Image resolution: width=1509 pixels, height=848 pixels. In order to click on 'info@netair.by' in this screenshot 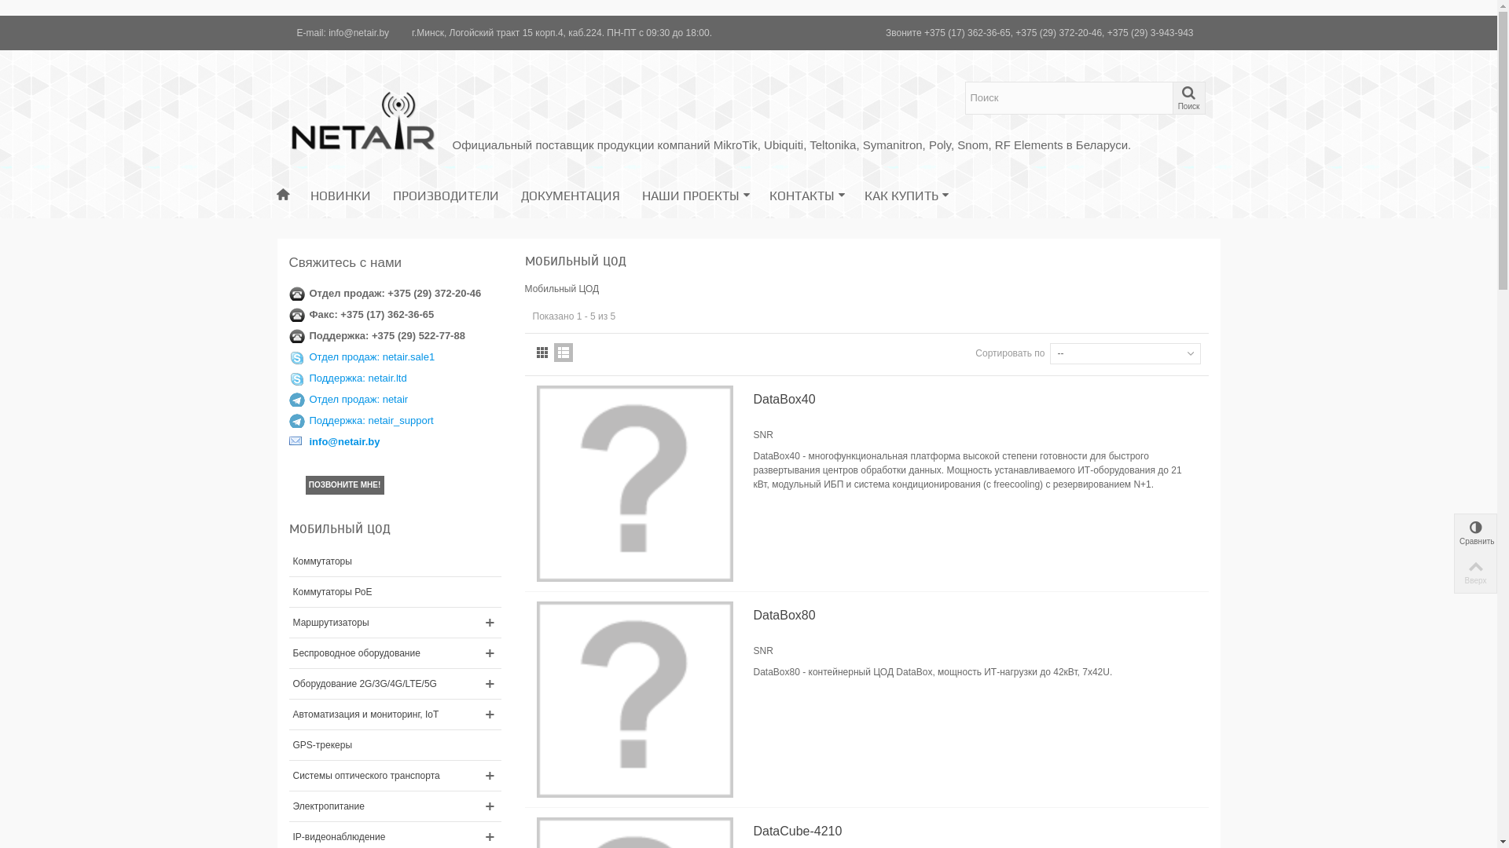, I will do `click(309, 441)`.